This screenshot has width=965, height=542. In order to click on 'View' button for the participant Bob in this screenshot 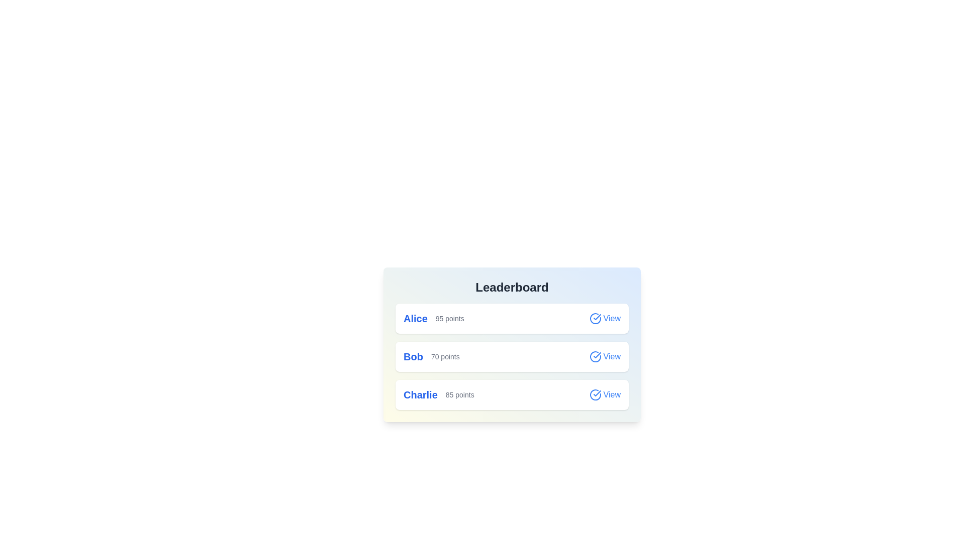, I will do `click(604, 356)`.